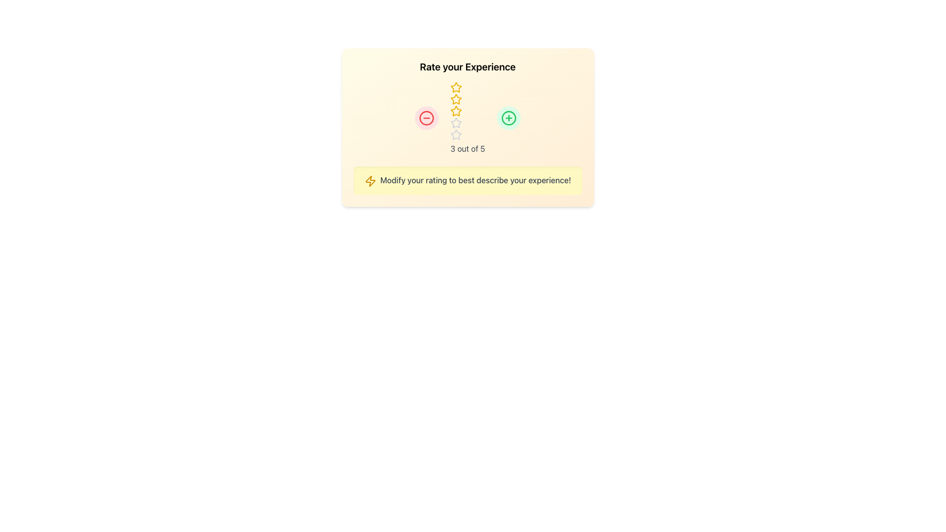  What do you see at coordinates (456, 87) in the screenshot?
I see `the third star icon in the rating section` at bounding box center [456, 87].